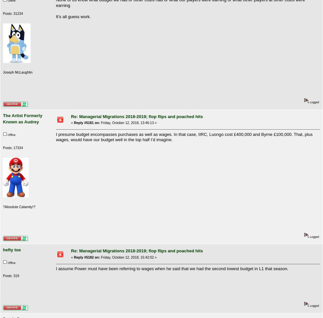 The image size is (323, 318). Describe the element at coordinates (19, 207) in the screenshot. I see `'?Absolute Calamity!?'` at that location.